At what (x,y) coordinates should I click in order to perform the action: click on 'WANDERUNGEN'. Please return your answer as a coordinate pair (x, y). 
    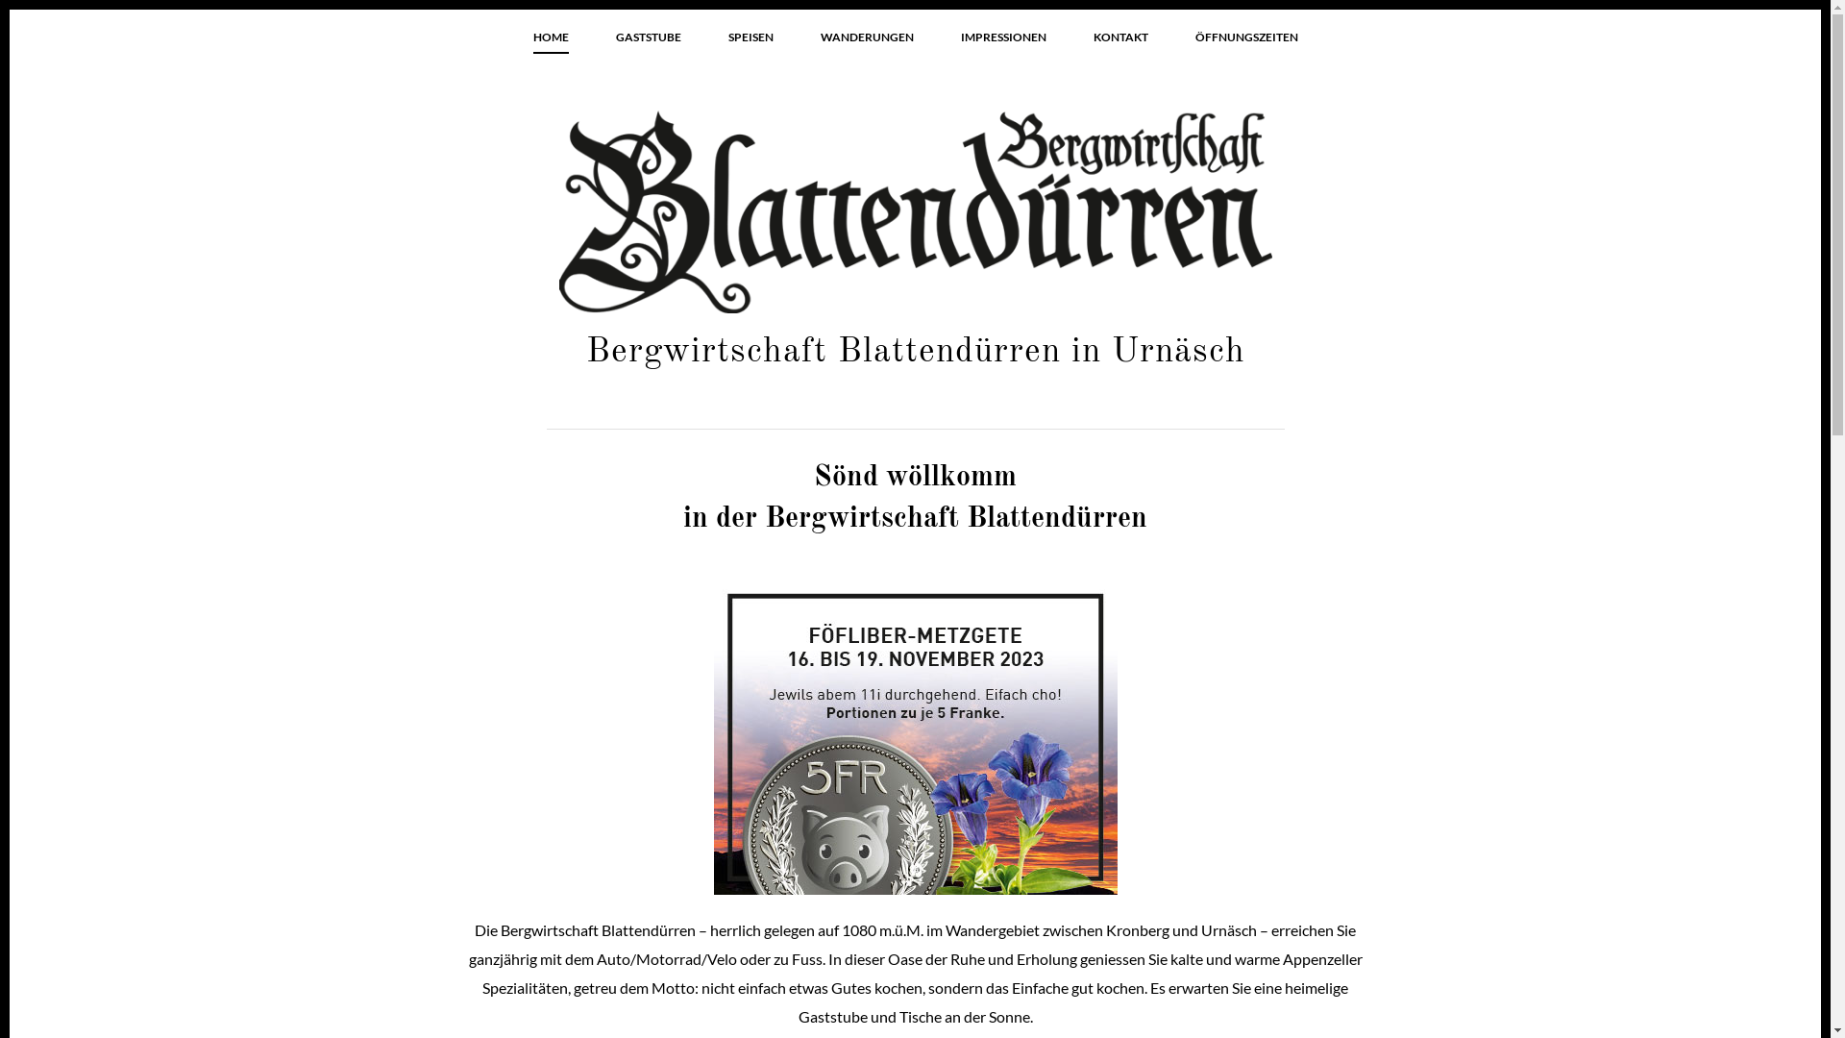
    Looking at the image, I should click on (798, 37).